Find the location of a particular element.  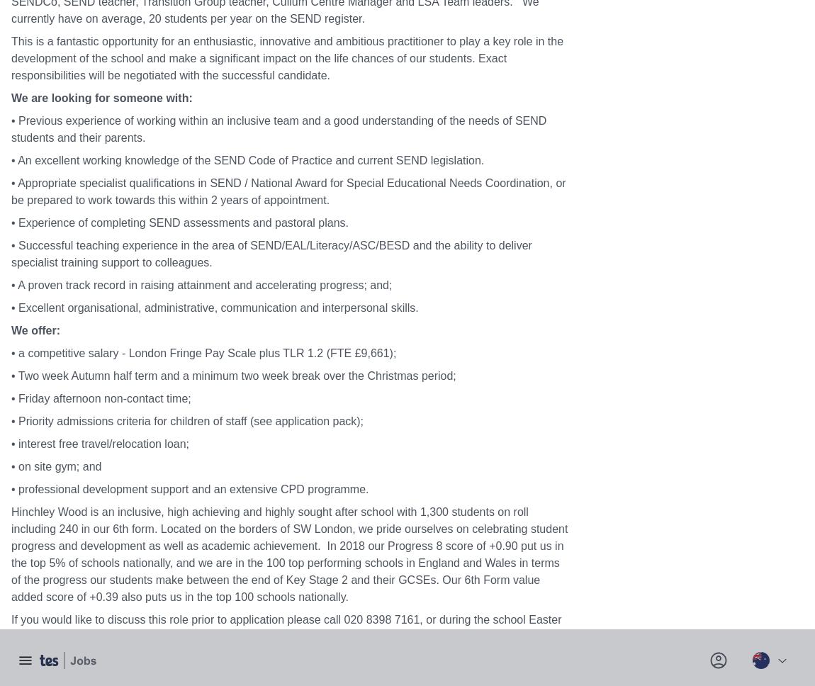

'Schools directory' is located at coordinates (54, 473).